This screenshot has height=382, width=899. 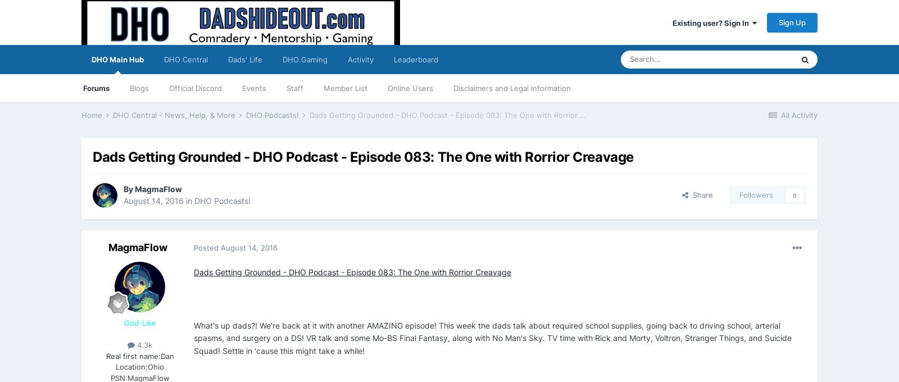 What do you see at coordinates (792, 21) in the screenshot?
I see `'Sign Up'` at bounding box center [792, 21].